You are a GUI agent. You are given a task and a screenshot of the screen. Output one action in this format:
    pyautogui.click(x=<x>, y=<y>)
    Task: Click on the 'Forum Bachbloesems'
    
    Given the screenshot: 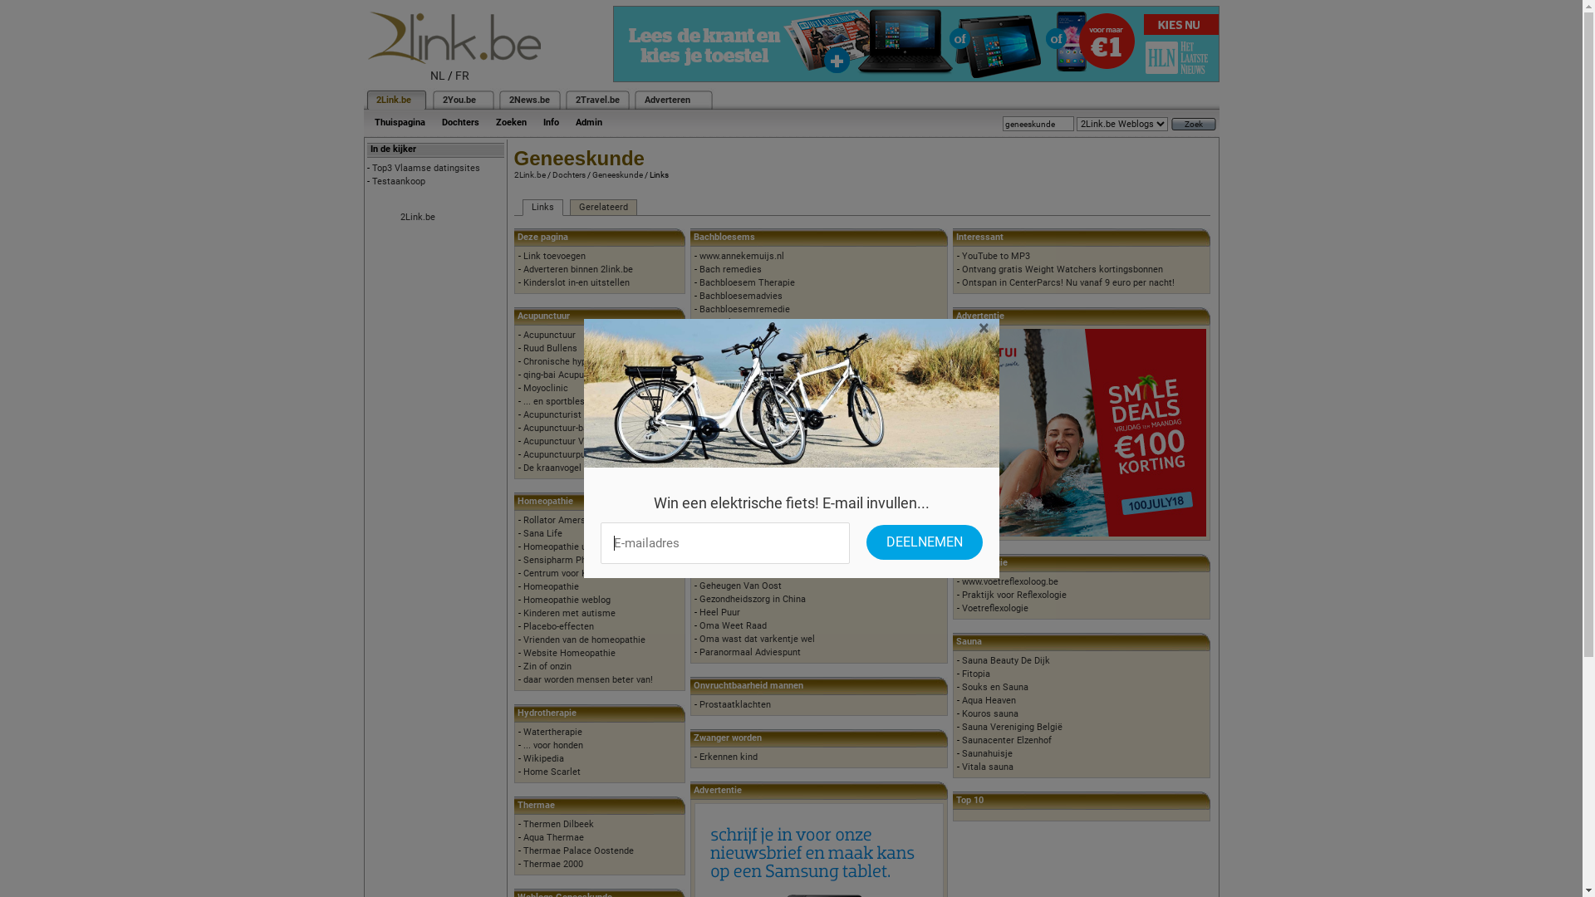 What is the action you would take?
    pyautogui.click(x=744, y=336)
    